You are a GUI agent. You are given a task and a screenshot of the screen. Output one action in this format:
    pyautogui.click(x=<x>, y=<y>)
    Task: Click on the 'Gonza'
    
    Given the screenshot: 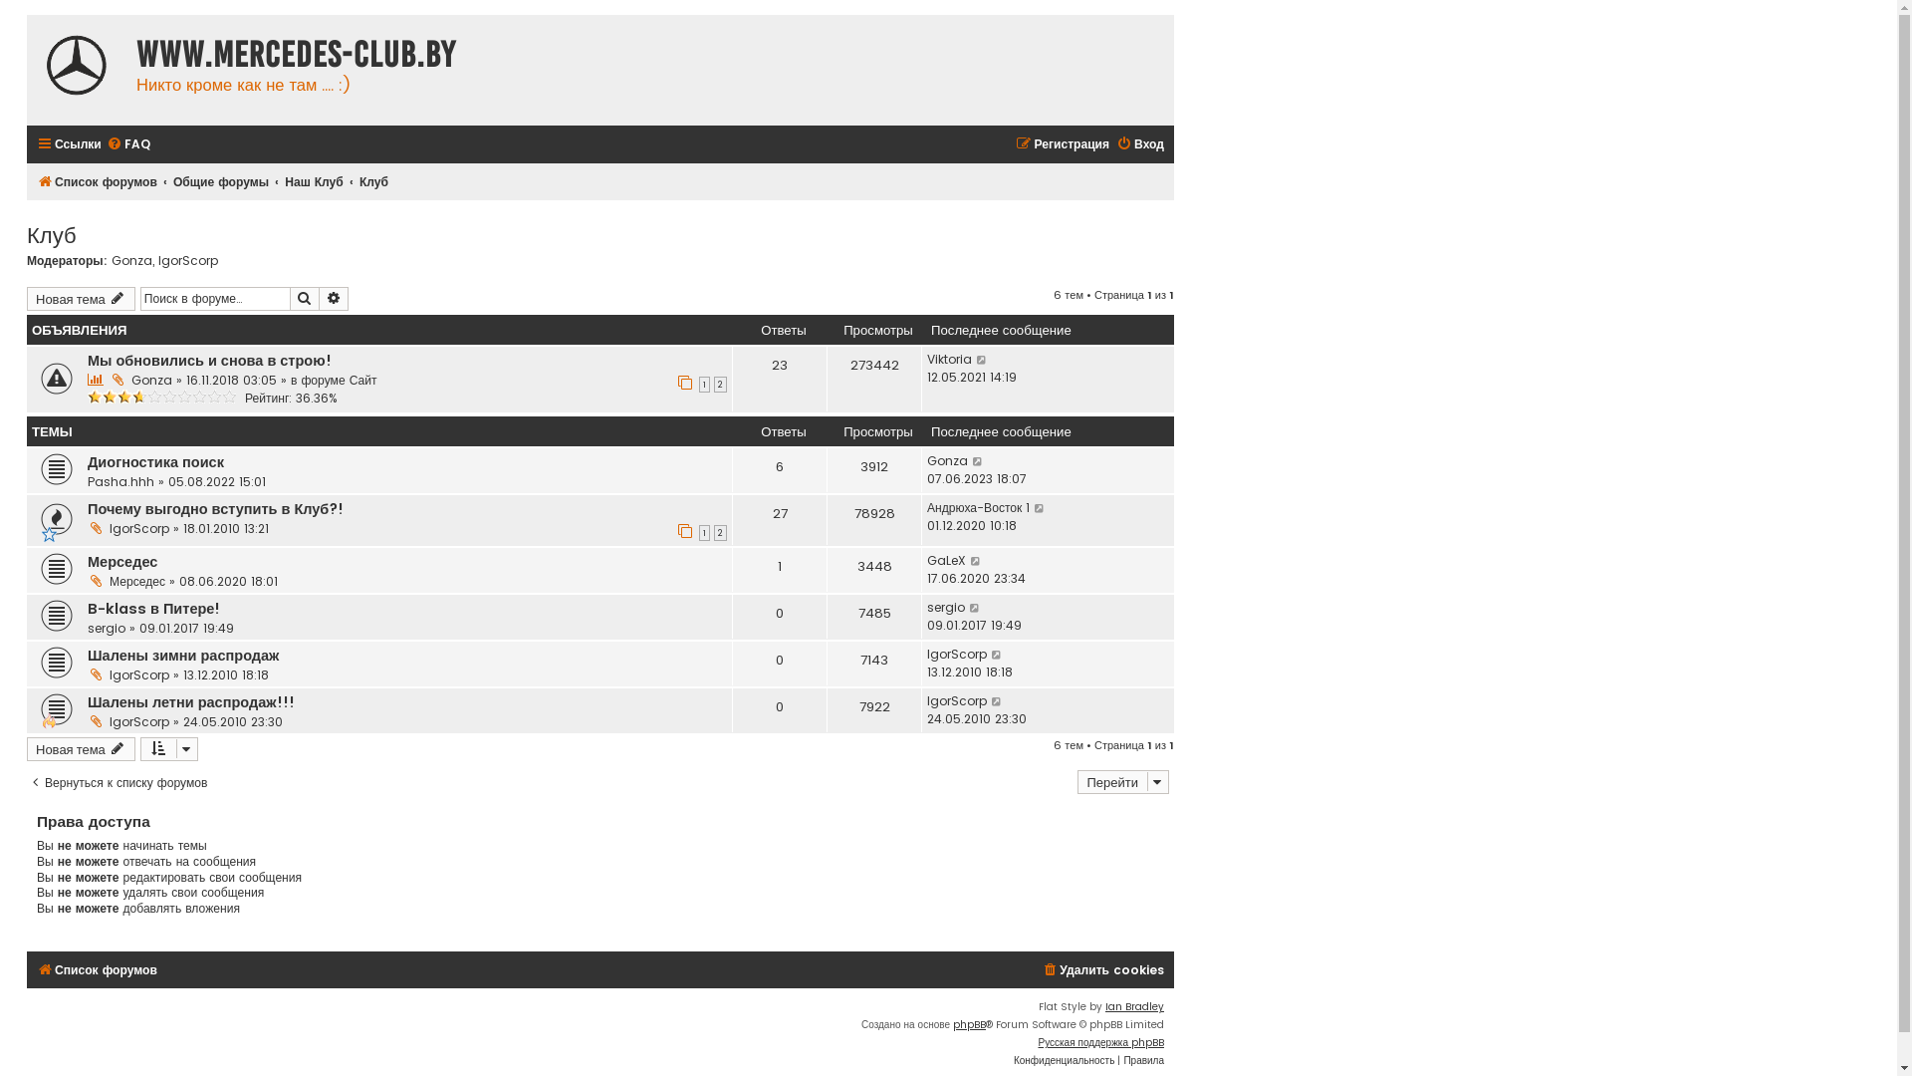 What is the action you would take?
    pyautogui.click(x=946, y=460)
    